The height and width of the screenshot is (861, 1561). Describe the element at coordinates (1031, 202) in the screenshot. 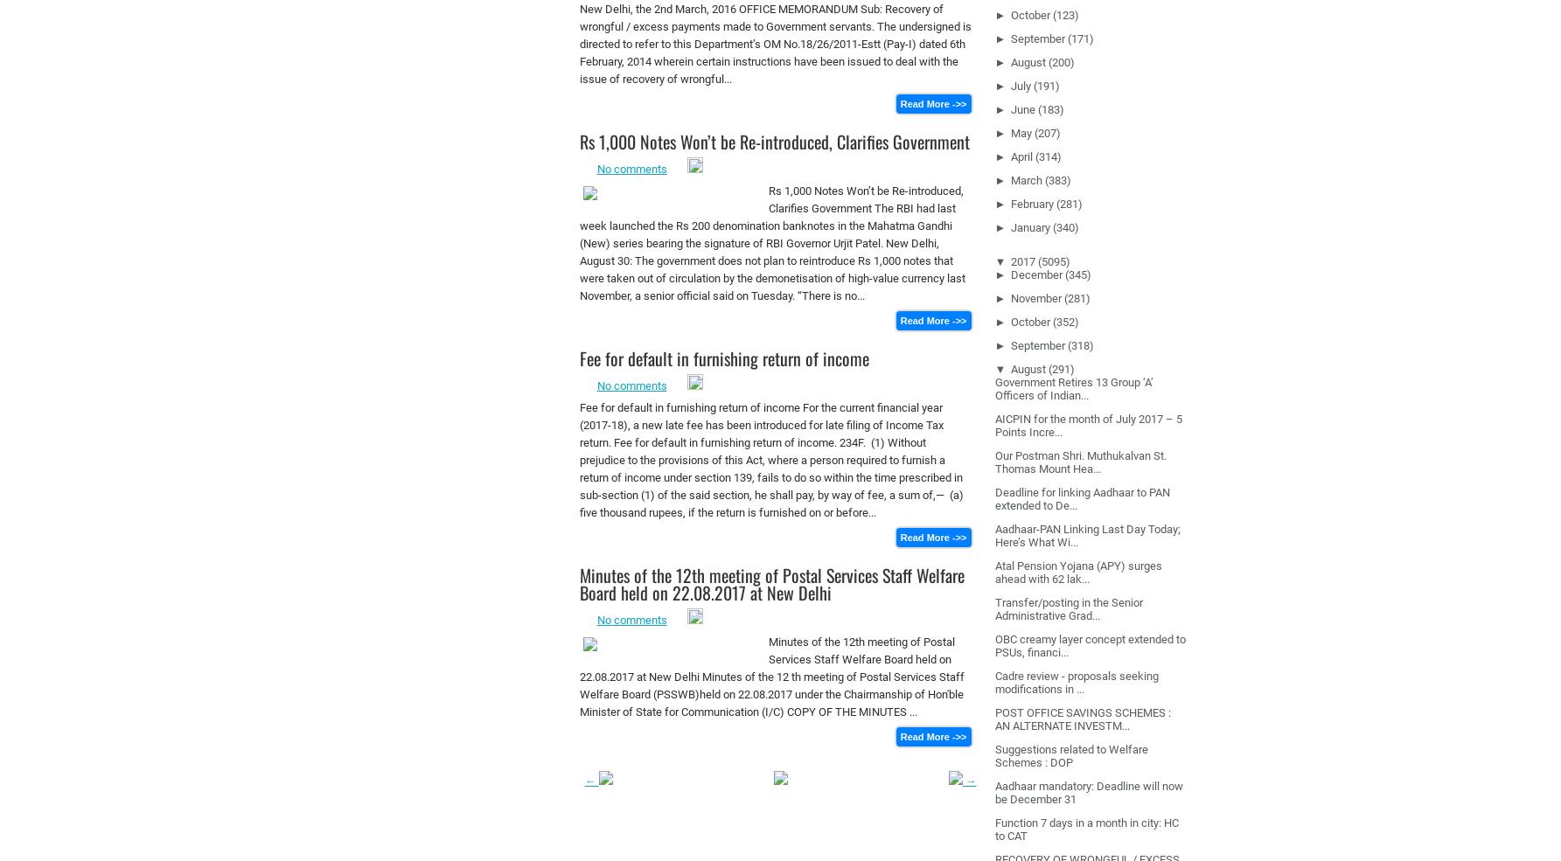

I see `'February'` at that location.